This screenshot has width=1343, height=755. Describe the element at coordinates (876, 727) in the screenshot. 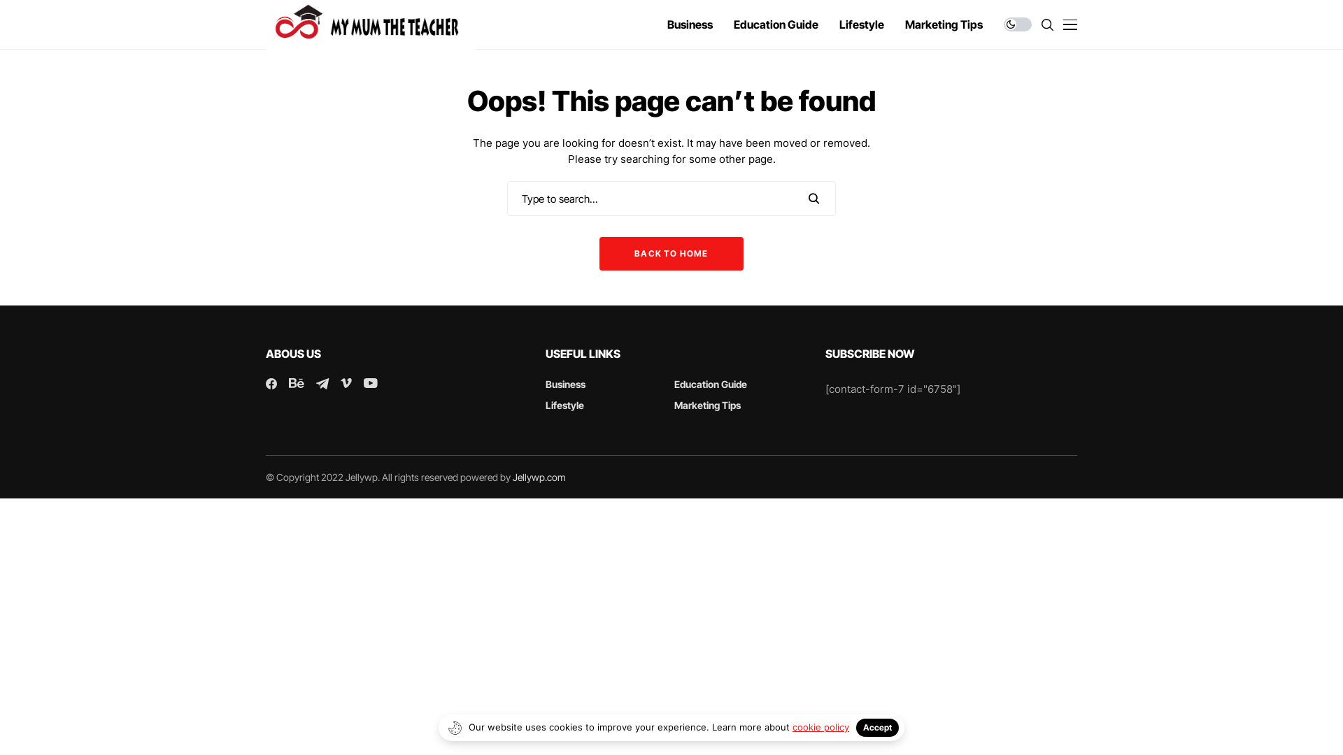

I see `'Accept'` at that location.